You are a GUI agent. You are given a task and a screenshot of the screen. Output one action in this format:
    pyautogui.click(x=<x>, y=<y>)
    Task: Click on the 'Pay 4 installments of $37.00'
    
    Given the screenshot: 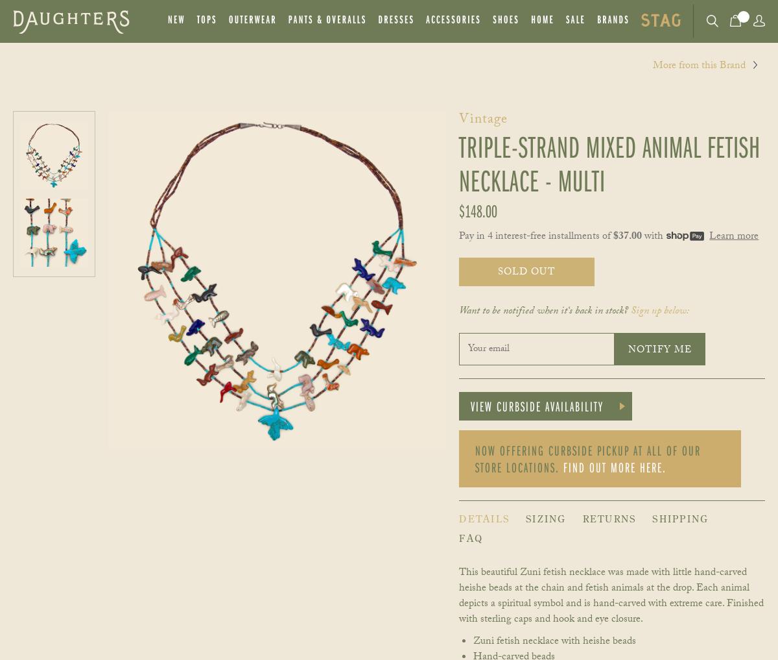 What is the action you would take?
    pyautogui.click(x=325, y=556)
    